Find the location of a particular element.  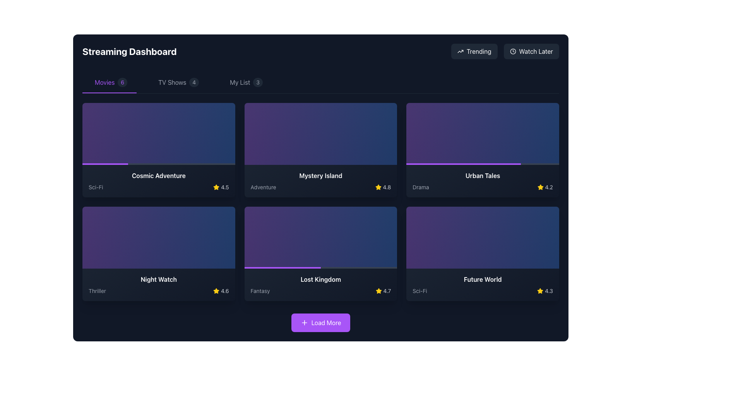

the information display row that shows the genre and user rating of the movie 'Mystery Island', located at the bottom right section of the card is located at coordinates (321, 187).